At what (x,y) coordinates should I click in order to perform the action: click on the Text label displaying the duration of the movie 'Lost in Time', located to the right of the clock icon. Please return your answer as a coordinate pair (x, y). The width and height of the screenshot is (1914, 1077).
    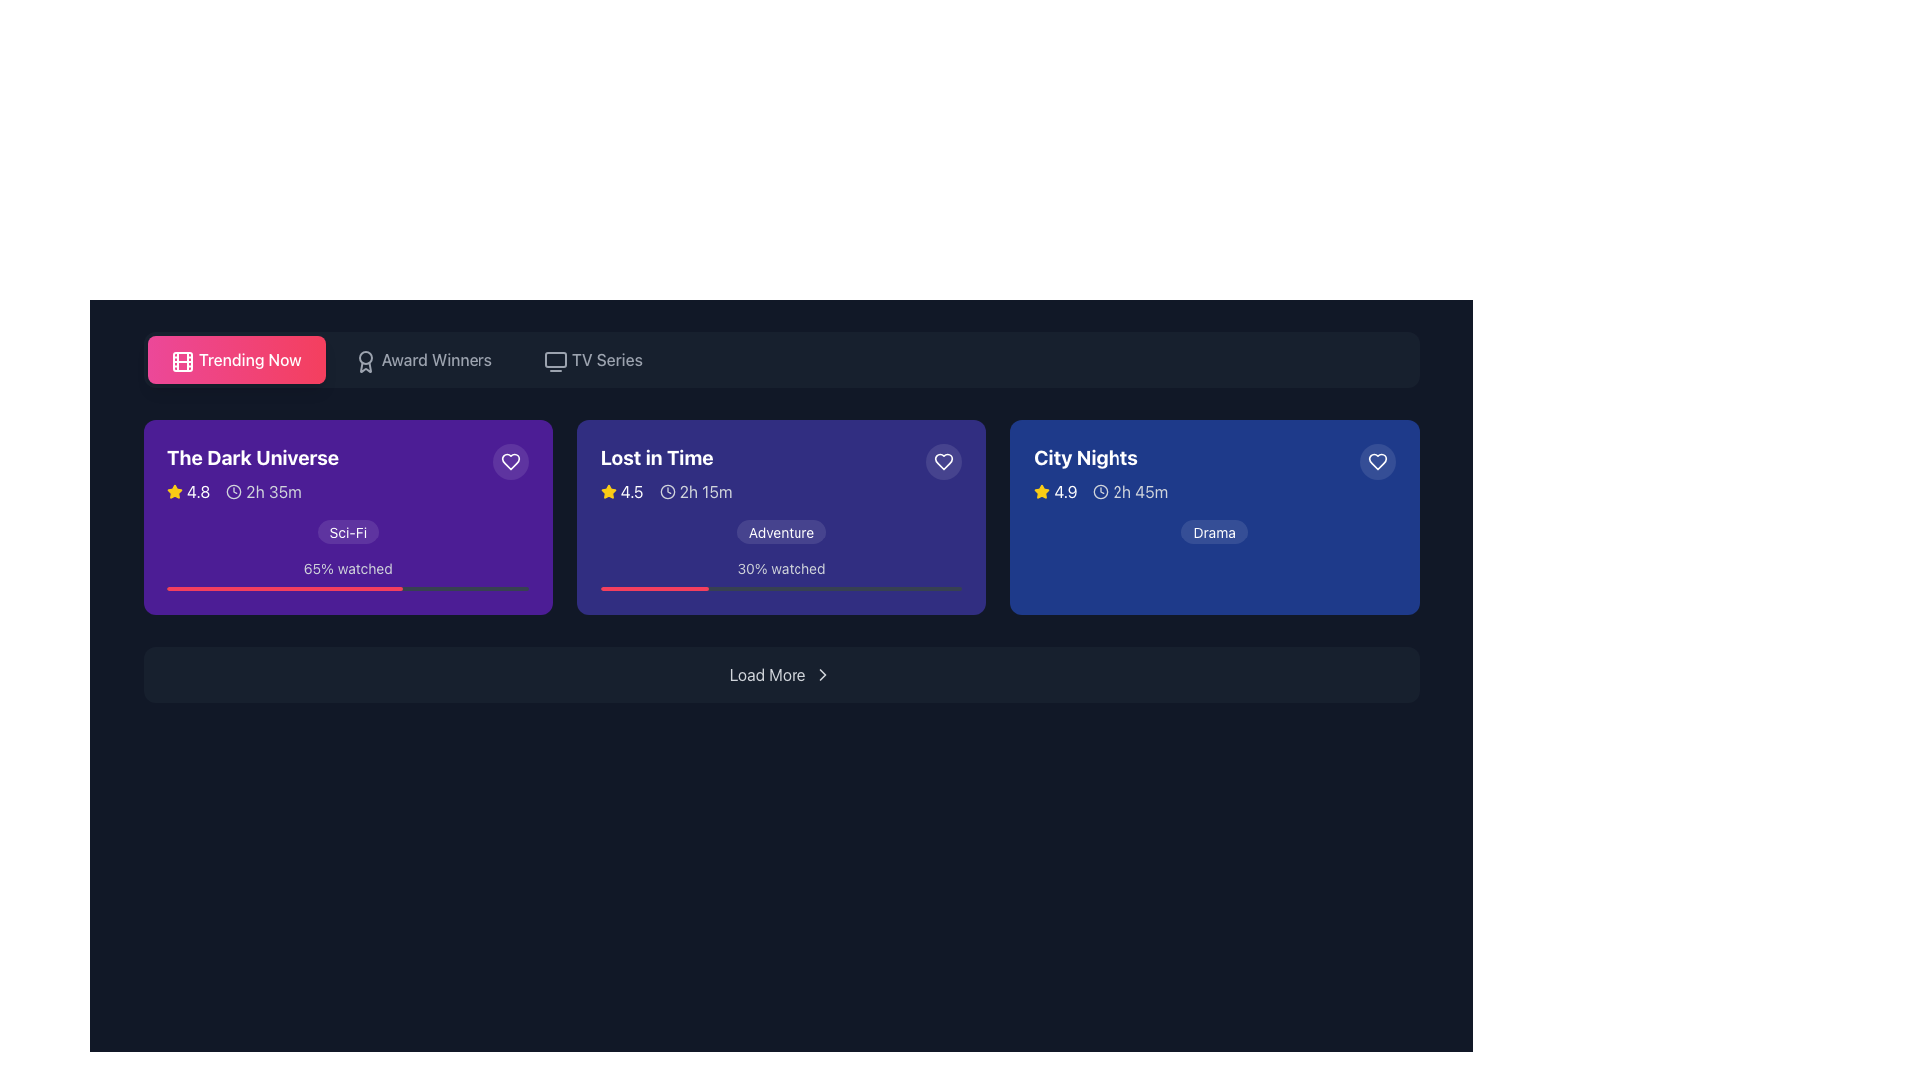
    Looking at the image, I should click on (706, 492).